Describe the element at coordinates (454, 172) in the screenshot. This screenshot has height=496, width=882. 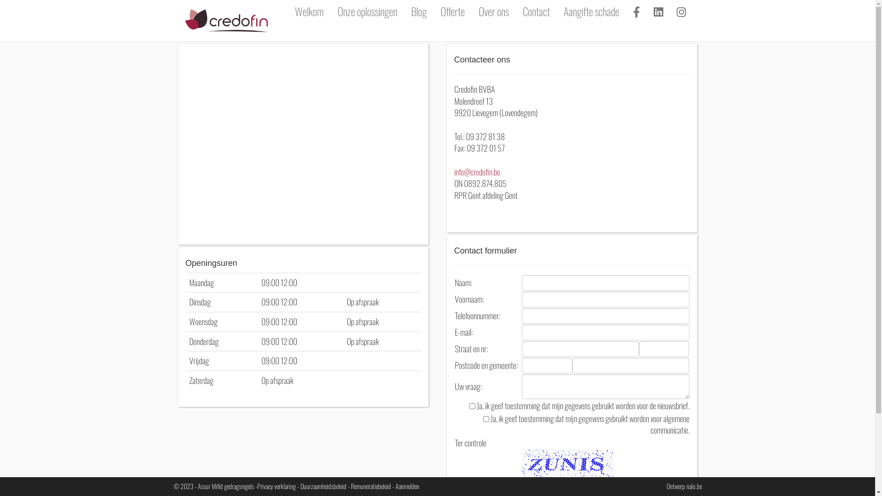
I see `'info@credofin.be'` at that location.